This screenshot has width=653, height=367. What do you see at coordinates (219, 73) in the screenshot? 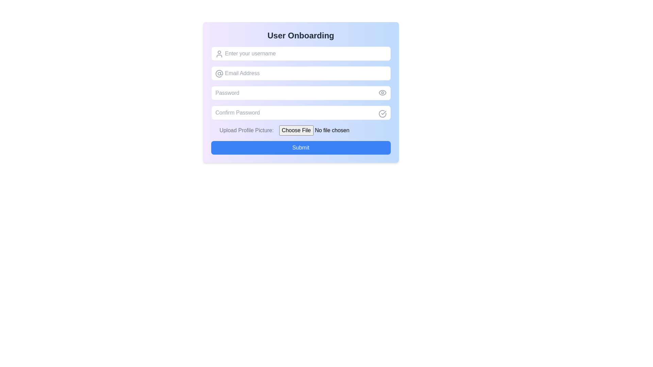
I see `the small gray '@' icon located to the left inside the 'Email Address' input field` at bounding box center [219, 73].